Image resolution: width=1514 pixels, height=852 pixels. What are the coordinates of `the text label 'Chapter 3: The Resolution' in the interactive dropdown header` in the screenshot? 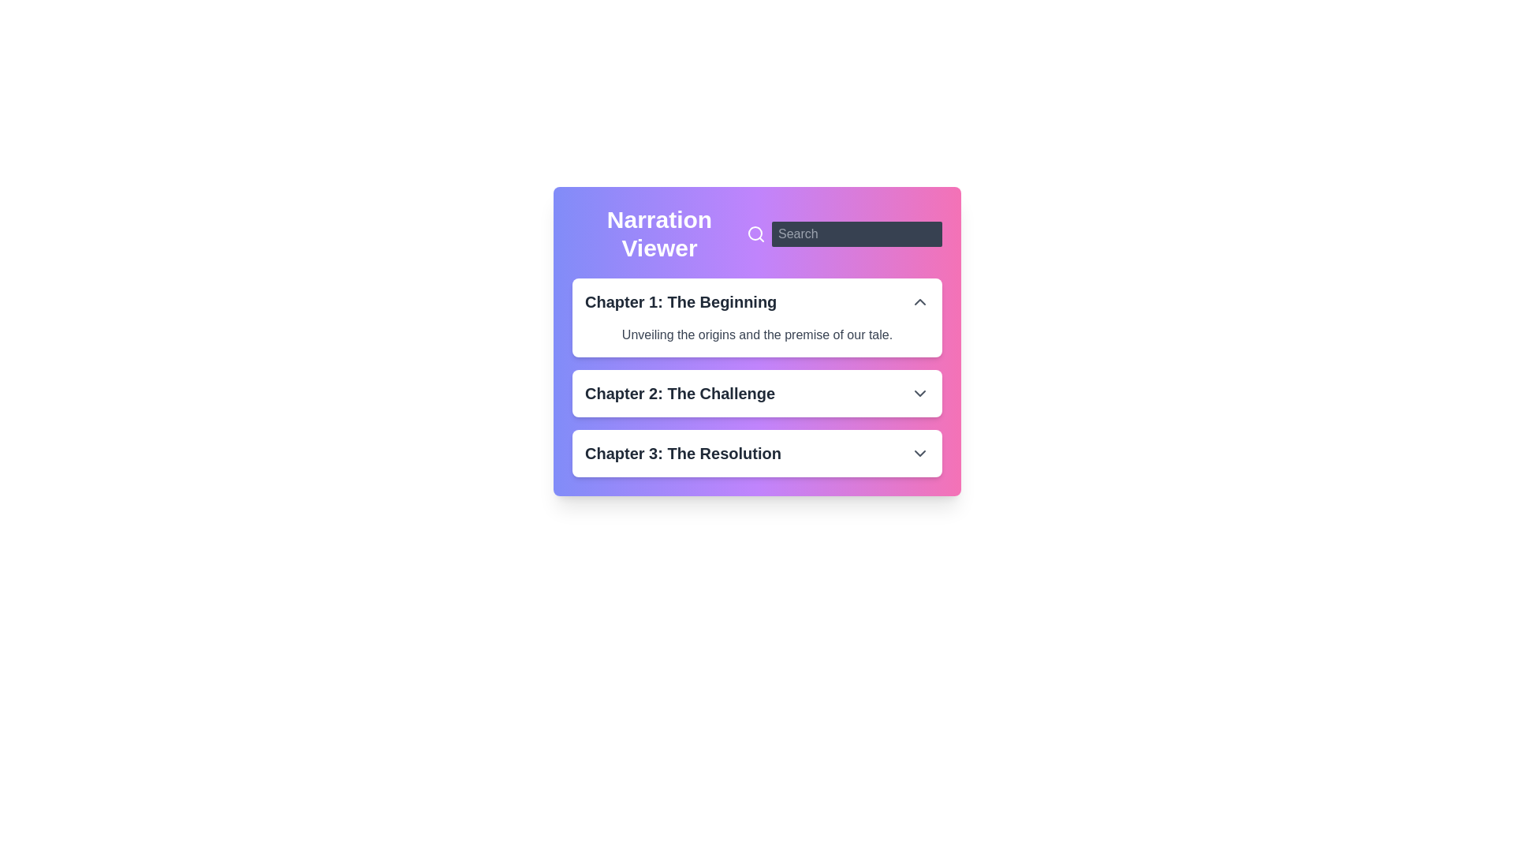 It's located at (757, 453).